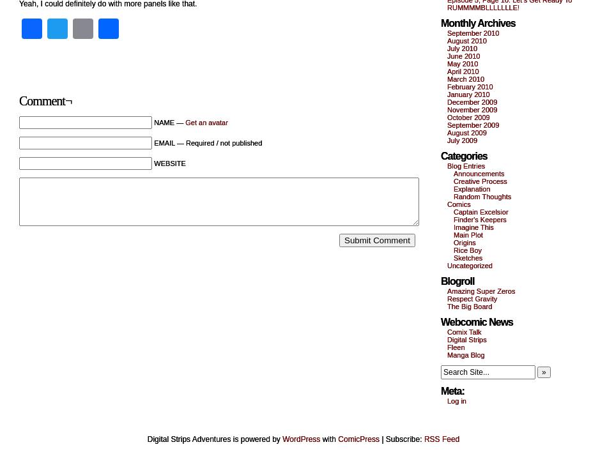 The width and height of the screenshot is (607, 463). I want to click on 'August 2009', so click(447, 132).